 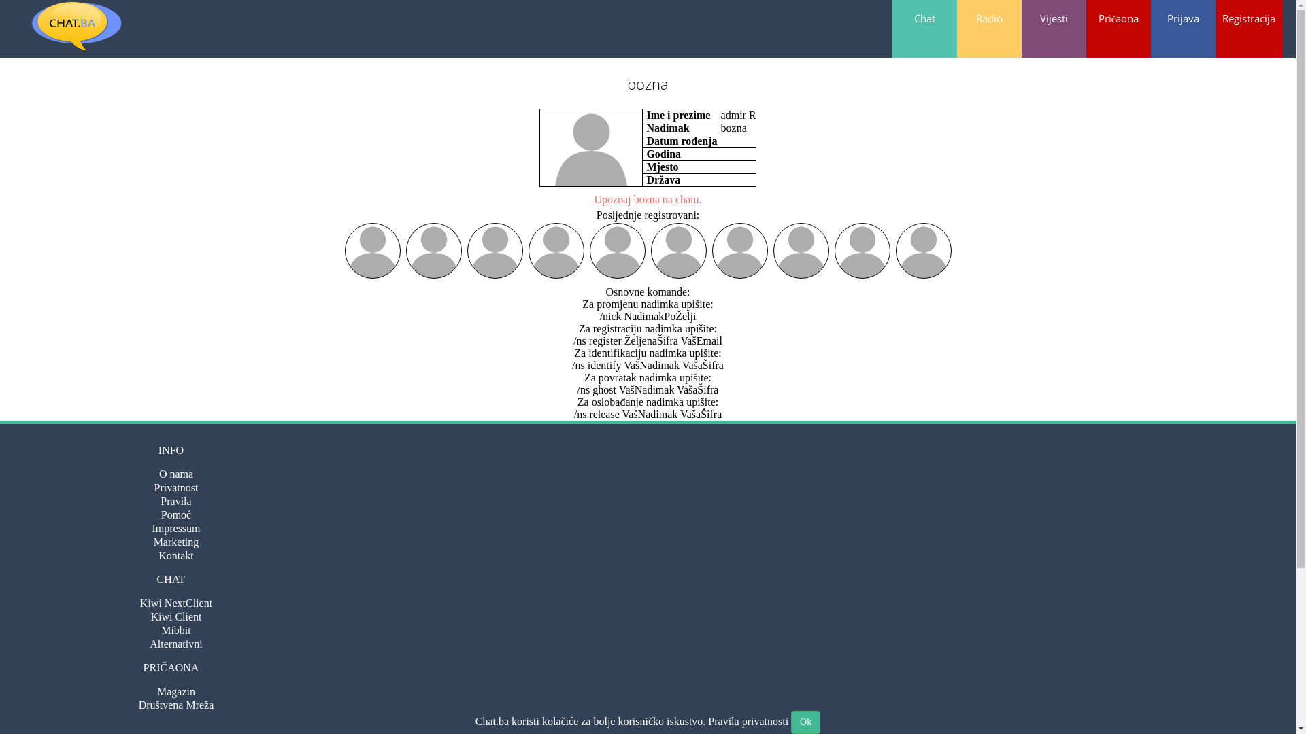 I want to click on 'Chat', so click(x=924, y=29).